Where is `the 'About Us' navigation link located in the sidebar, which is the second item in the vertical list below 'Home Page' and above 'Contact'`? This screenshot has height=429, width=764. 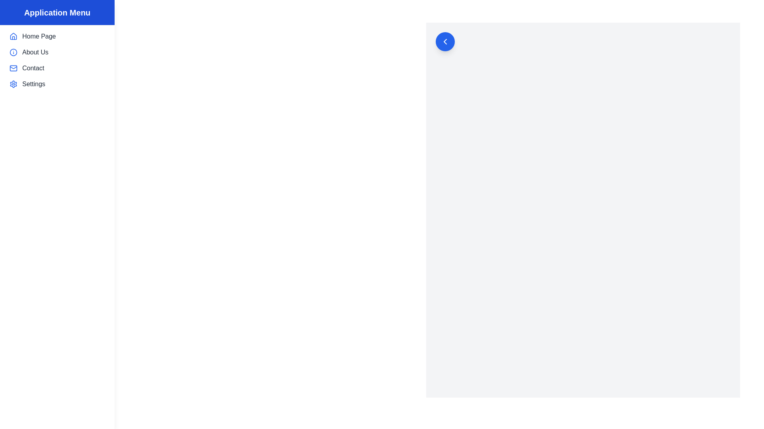 the 'About Us' navigation link located in the sidebar, which is the second item in the vertical list below 'Home Page' and above 'Contact' is located at coordinates (57, 52).